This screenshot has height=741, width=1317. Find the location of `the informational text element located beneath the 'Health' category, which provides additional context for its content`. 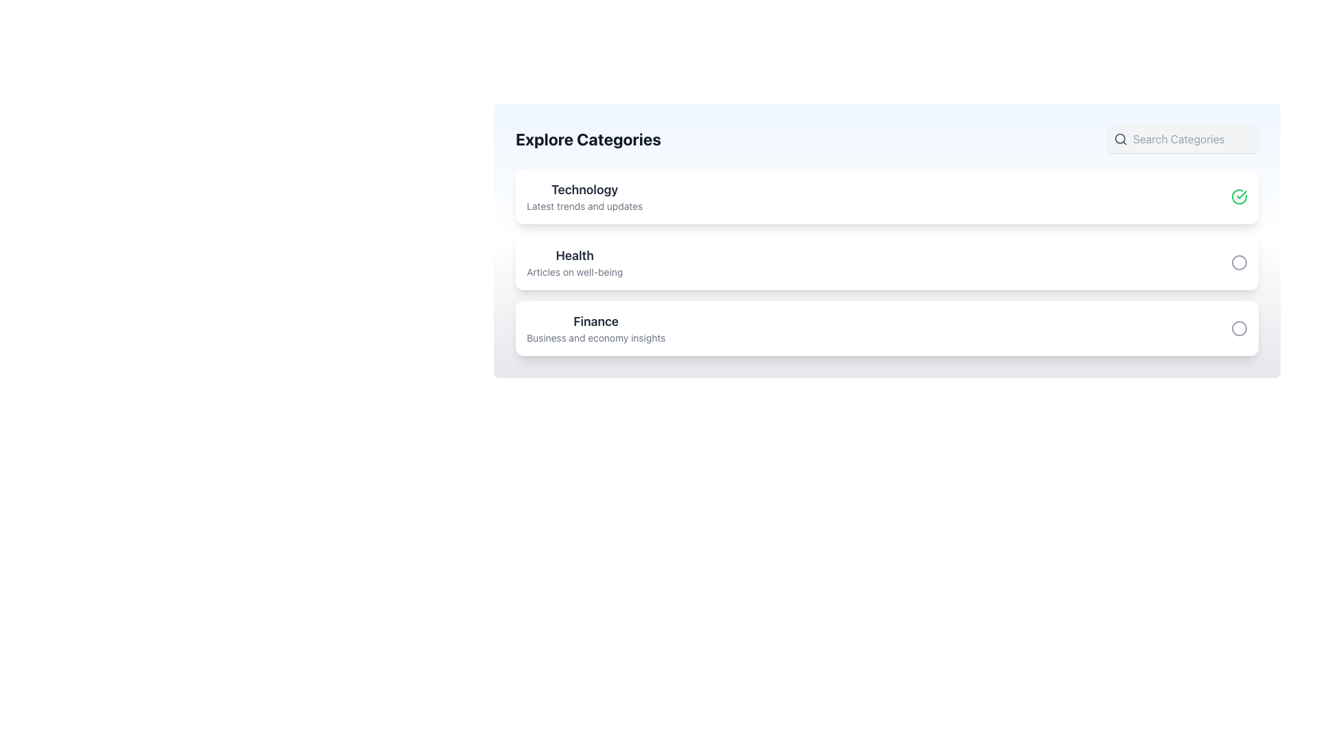

the informational text element located beneath the 'Health' category, which provides additional context for its content is located at coordinates (575, 272).